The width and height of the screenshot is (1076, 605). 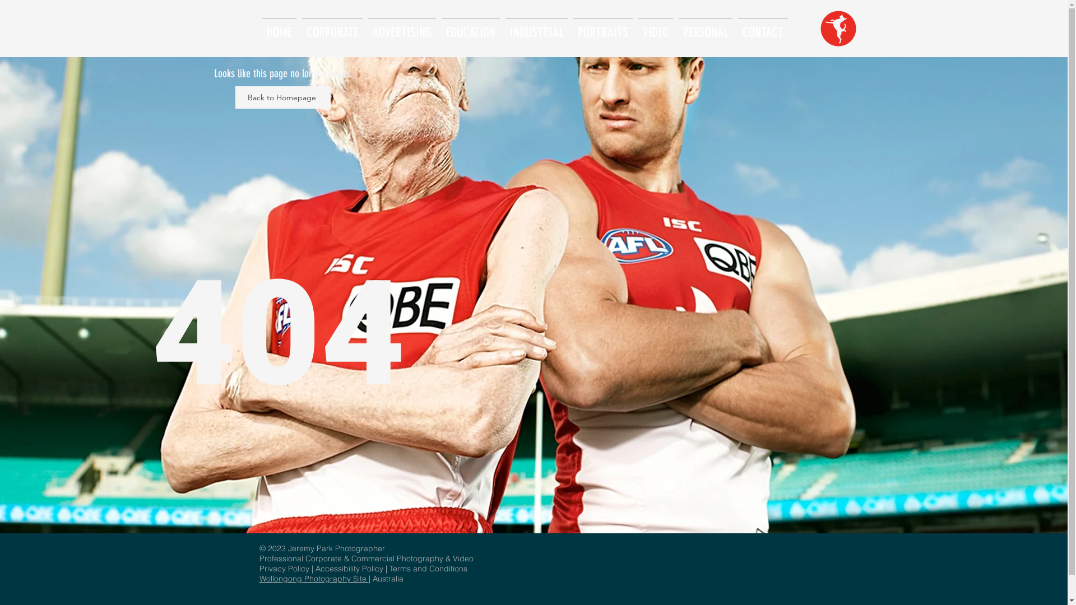 What do you see at coordinates (656, 27) in the screenshot?
I see `'VIDEO'` at bounding box center [656, 27].